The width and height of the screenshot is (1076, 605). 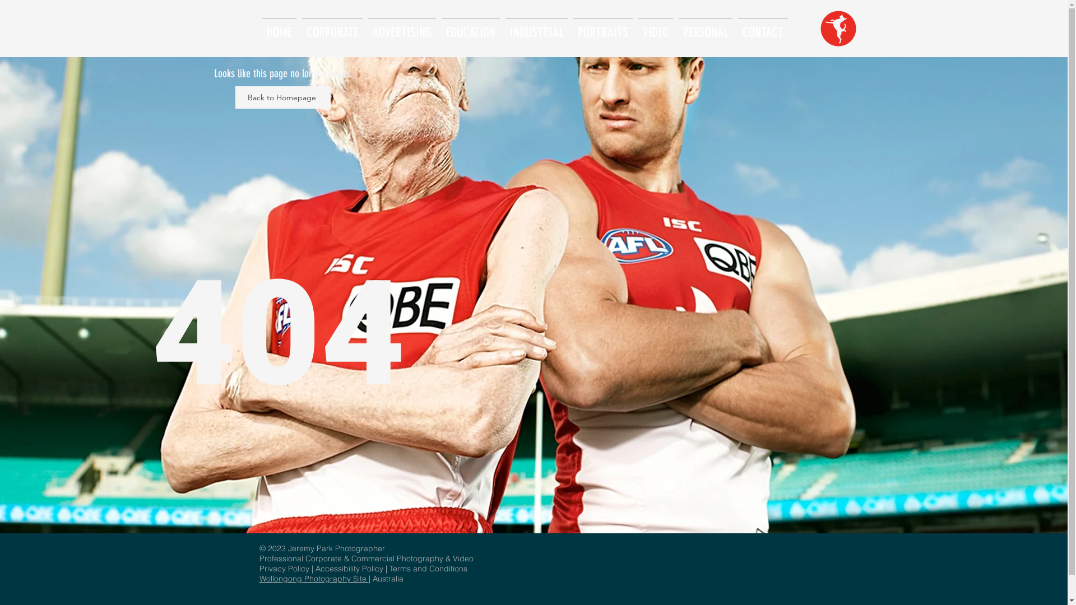 What do you see at coordinates (656, 27) in the screenshot?
I see `'VIDEO'` at bounding box center [656, 27].